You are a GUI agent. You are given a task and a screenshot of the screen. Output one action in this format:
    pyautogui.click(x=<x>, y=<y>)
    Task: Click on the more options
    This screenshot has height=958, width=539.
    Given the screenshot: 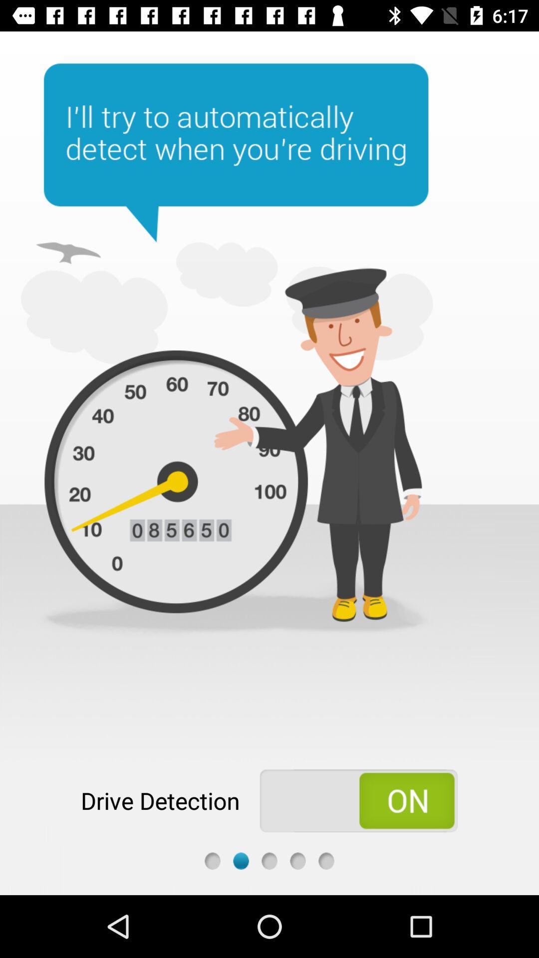 What is the action you would take?
    pyautogui.click(x=326, y=860)
    